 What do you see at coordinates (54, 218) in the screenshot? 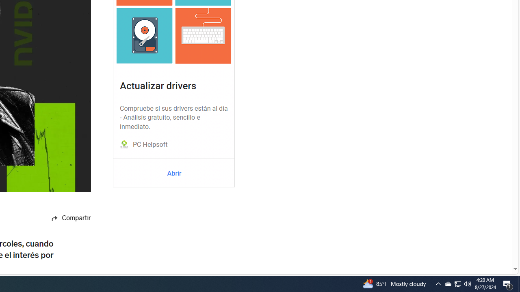
I see `'Share icon'` at bounding box center [54, 218].